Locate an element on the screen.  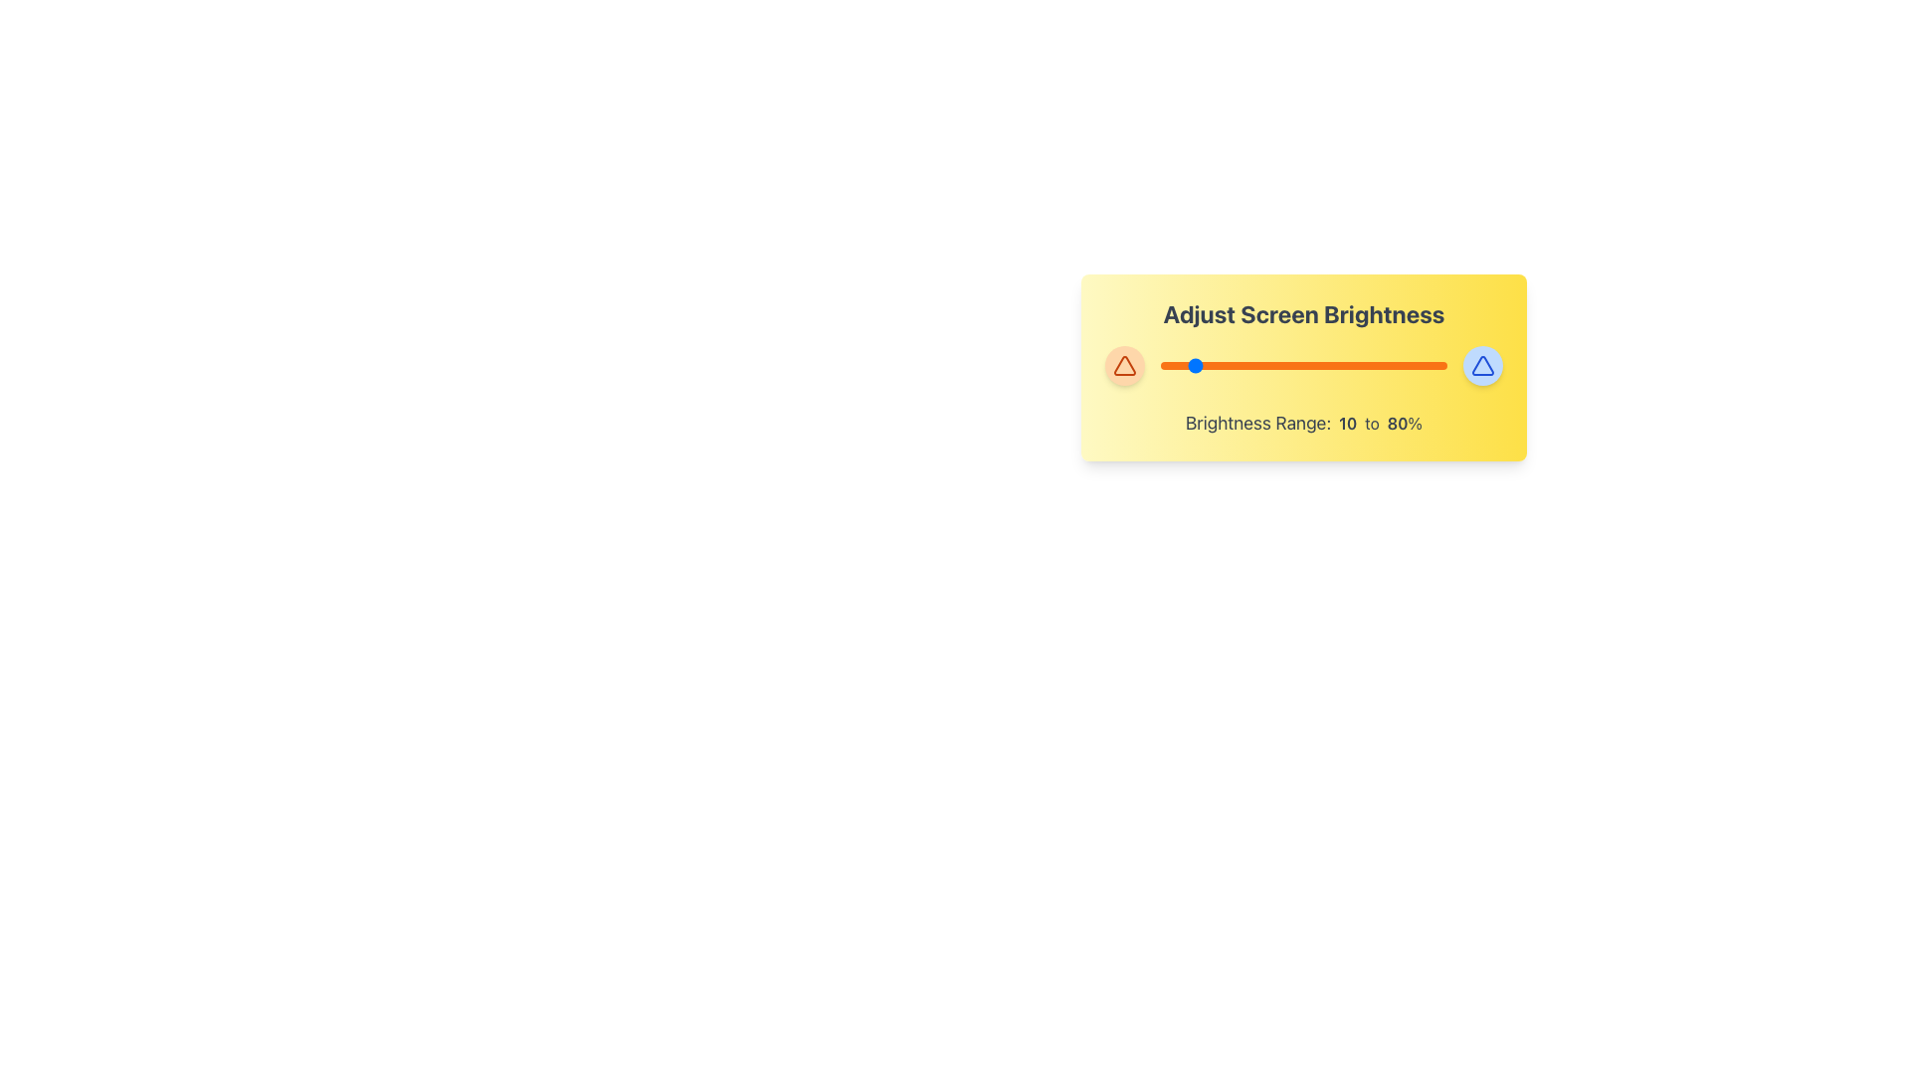
the brightness is located at coordinates (1442, 365).